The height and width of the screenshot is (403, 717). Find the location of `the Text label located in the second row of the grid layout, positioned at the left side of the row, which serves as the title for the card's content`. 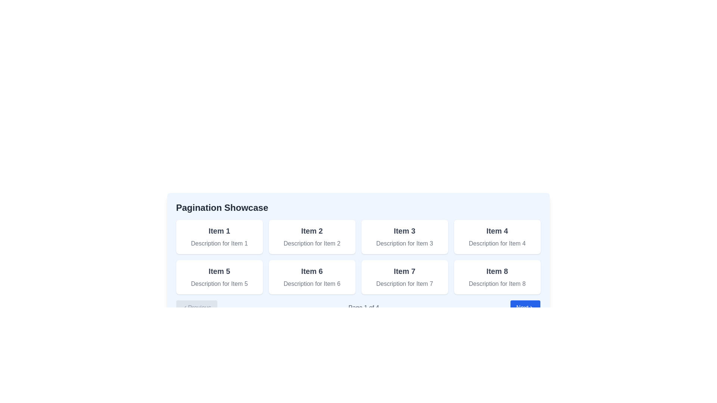

the Text label located in the second row of the grid layout, positioned at the left side of the row, which serves as the title for the card's content is located at coordinates (219, 271).